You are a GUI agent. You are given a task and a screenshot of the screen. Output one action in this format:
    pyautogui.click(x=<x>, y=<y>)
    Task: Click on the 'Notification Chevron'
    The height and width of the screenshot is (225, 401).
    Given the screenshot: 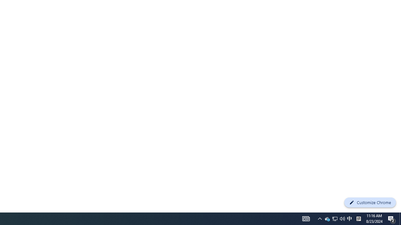 What is the action you would take?
    pyautogui.click(x=335, y=218)
    